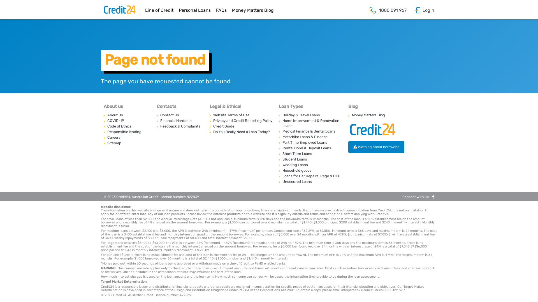  What do you see at coordinates (180, 121) in the screenshot?
I see `'Financial Hardship'` at bounding box center [180, 121].